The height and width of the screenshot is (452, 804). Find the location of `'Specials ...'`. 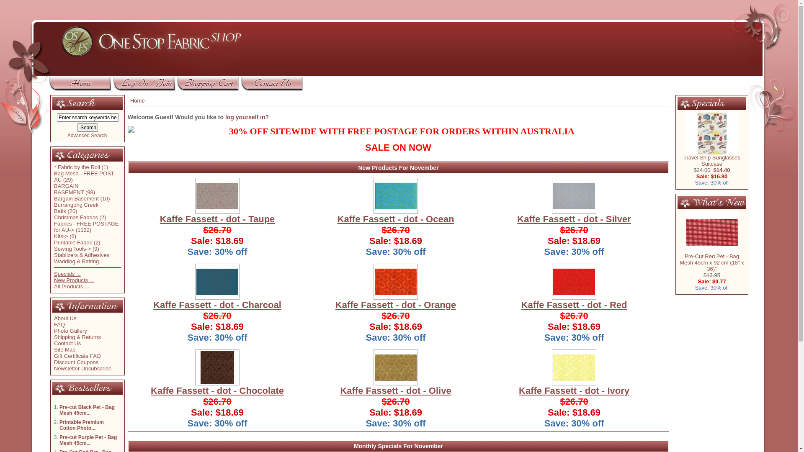

'Specials ...' is located at coordinates (54, 273).